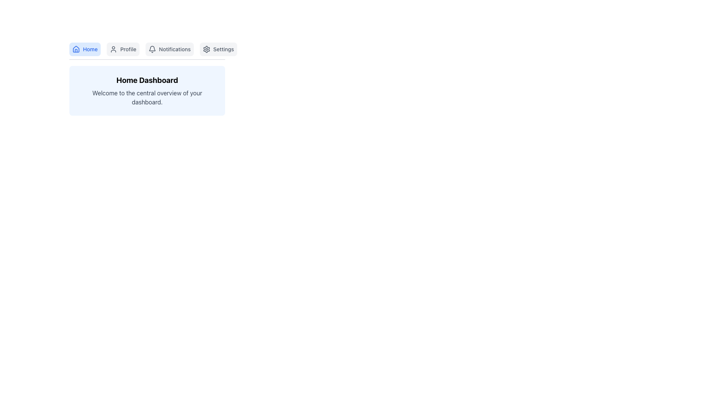 This screenshot has width=724, height=407. I want to click on the 'Notifications' navigation button, which is the third button from the left in the horizontal row, positioned below the header and between the 'Profile' and 'Settings' buttons, so click(169, 49).